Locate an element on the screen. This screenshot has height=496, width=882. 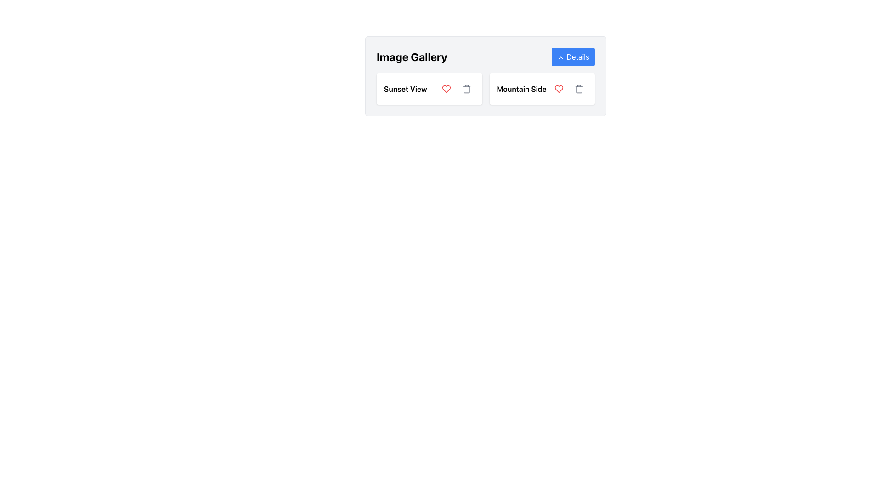
the button located in the top-right corner of the 'Image Gallery Details' box is located at coordinates (573, 56).